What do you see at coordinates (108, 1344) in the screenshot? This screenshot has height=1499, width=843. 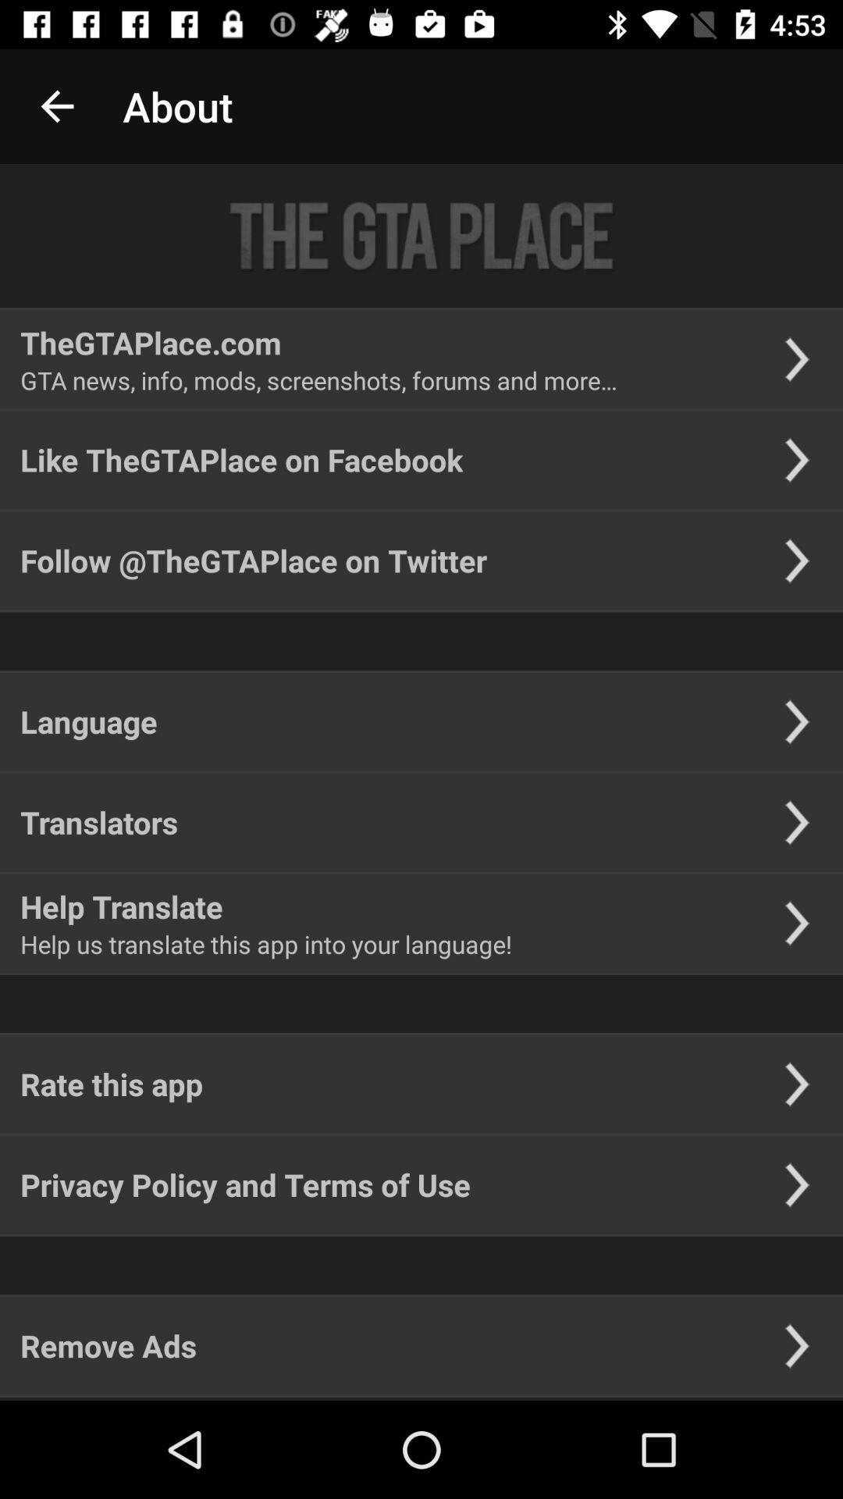 I see `icon below privacy policy and item` at bounding box center [108, 1344].